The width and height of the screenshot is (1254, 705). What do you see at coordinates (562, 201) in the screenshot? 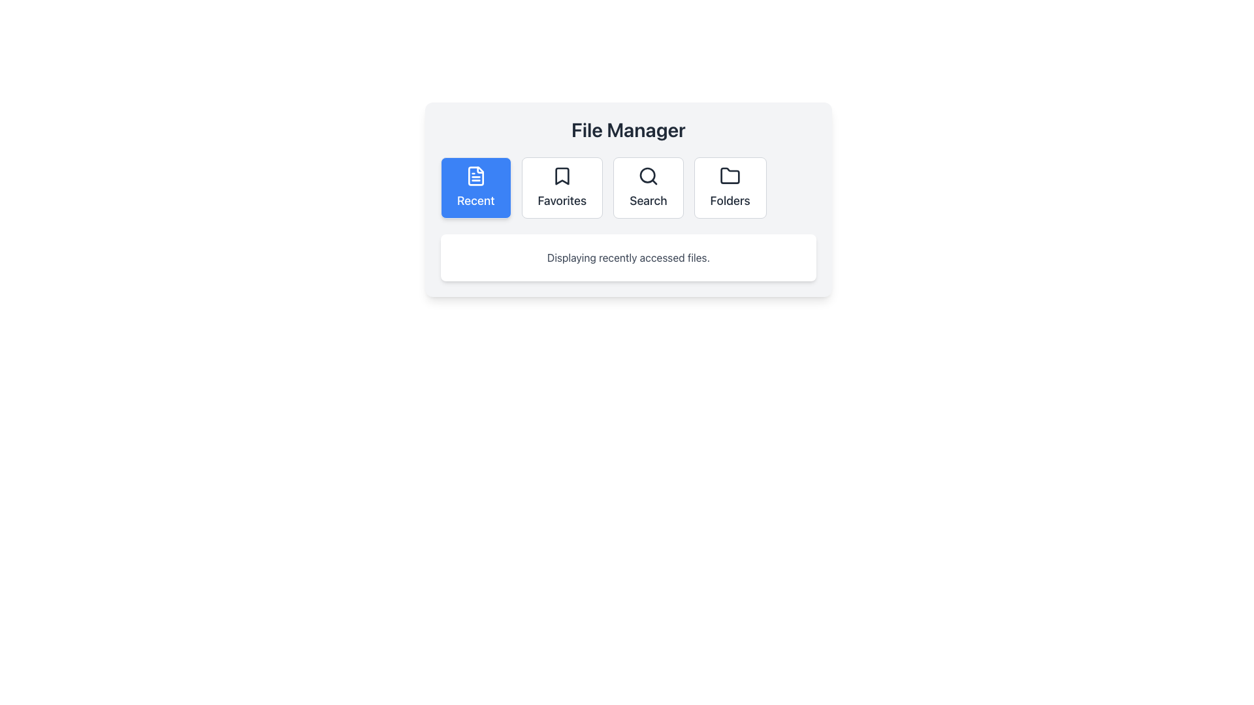
I see `the button labeled 'Favorites', which is part of the 'File Manager' group and is located below a bookmark icon` at bounding box center [562, 201].